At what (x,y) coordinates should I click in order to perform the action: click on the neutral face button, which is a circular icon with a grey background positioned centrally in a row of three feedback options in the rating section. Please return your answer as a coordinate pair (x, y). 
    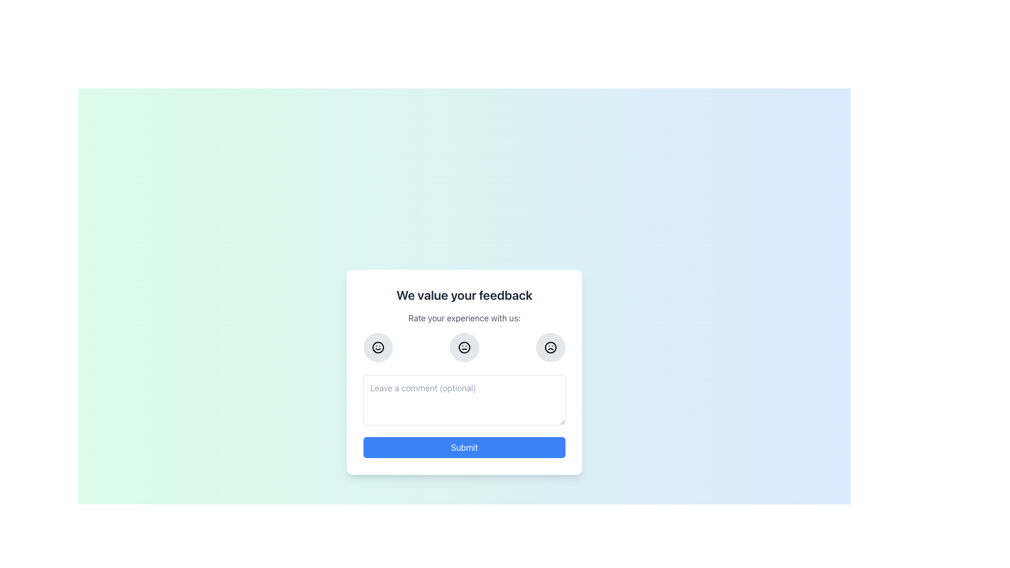
    Looking at the image, I should click on (464, 347).